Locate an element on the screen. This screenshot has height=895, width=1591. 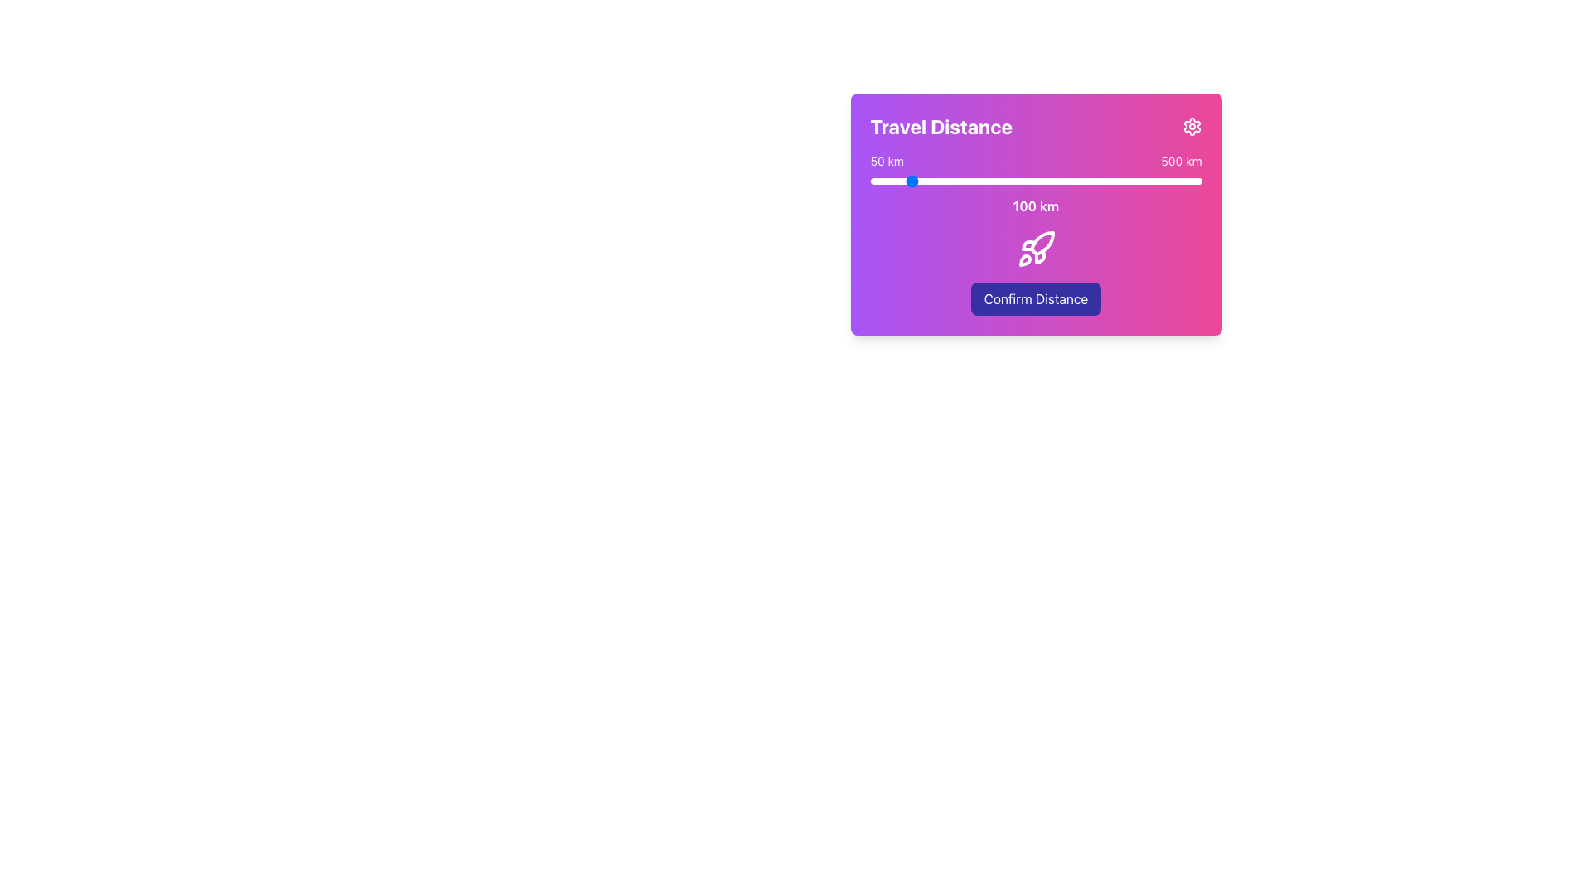
the travel distance is located at coordinates (1110, 181).